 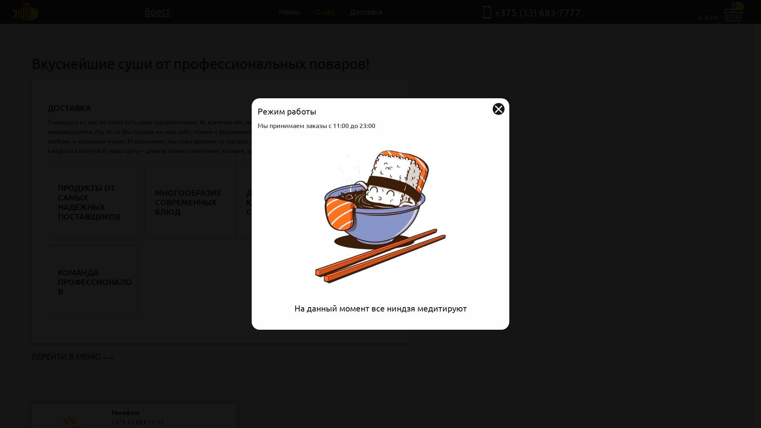 I want to click on '+375 (33) 683-7777', so click(x=494, y=13).